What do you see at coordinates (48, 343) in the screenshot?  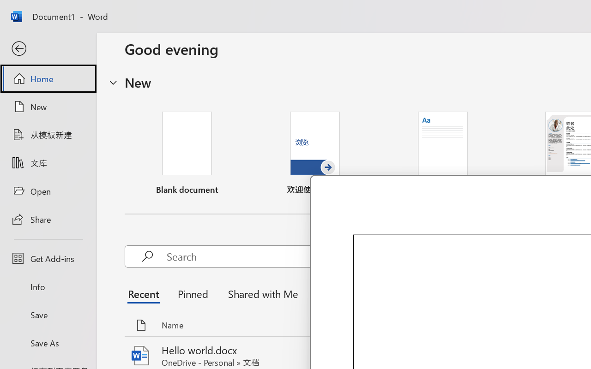 I see `'Save As'` at bounding box center [48, 343].